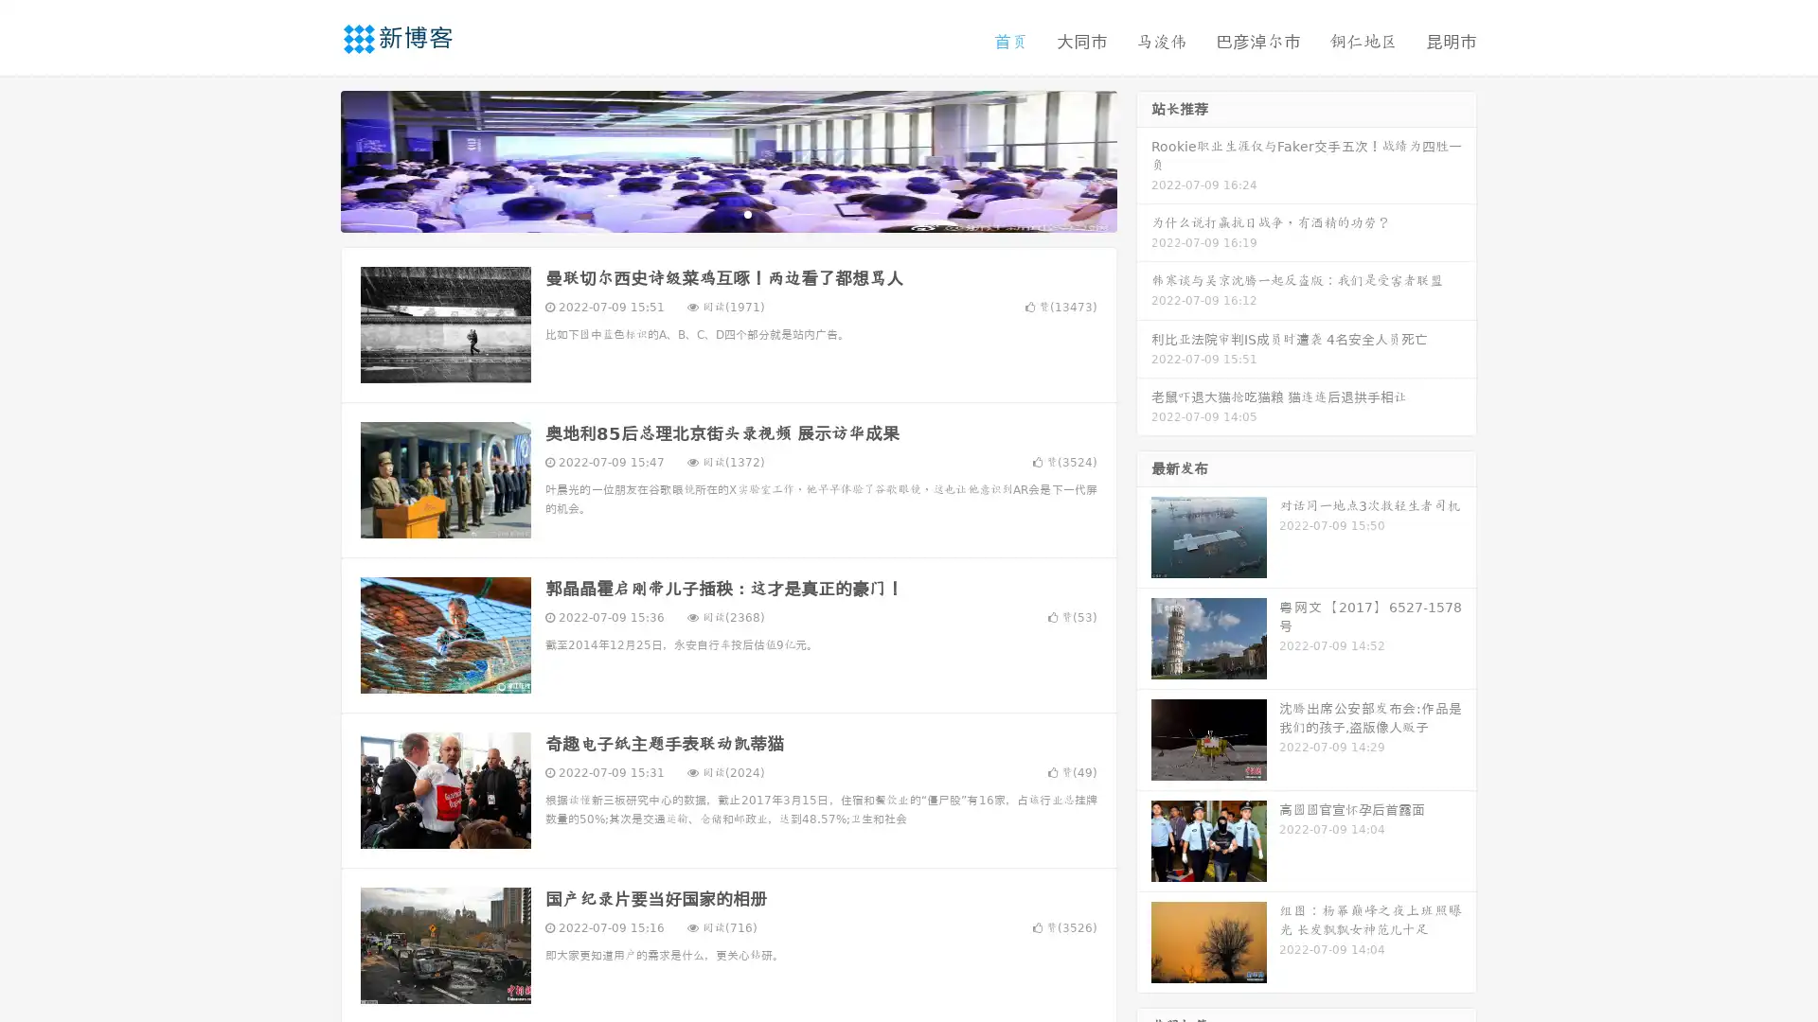 This screenshot has height=1022, width=1818. Describe the element at coordinates (747, 213) in the screenshot. I see `Go to slide 3` at that location.